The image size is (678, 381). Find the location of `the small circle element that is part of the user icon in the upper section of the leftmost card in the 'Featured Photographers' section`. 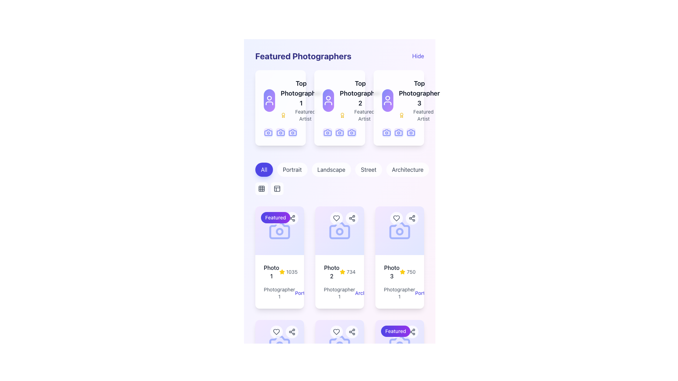

the small circle element that is part of the user icon in the upper section of the leftmost card in the 'Featured Photographers' section is located at coordinates (269, 98).